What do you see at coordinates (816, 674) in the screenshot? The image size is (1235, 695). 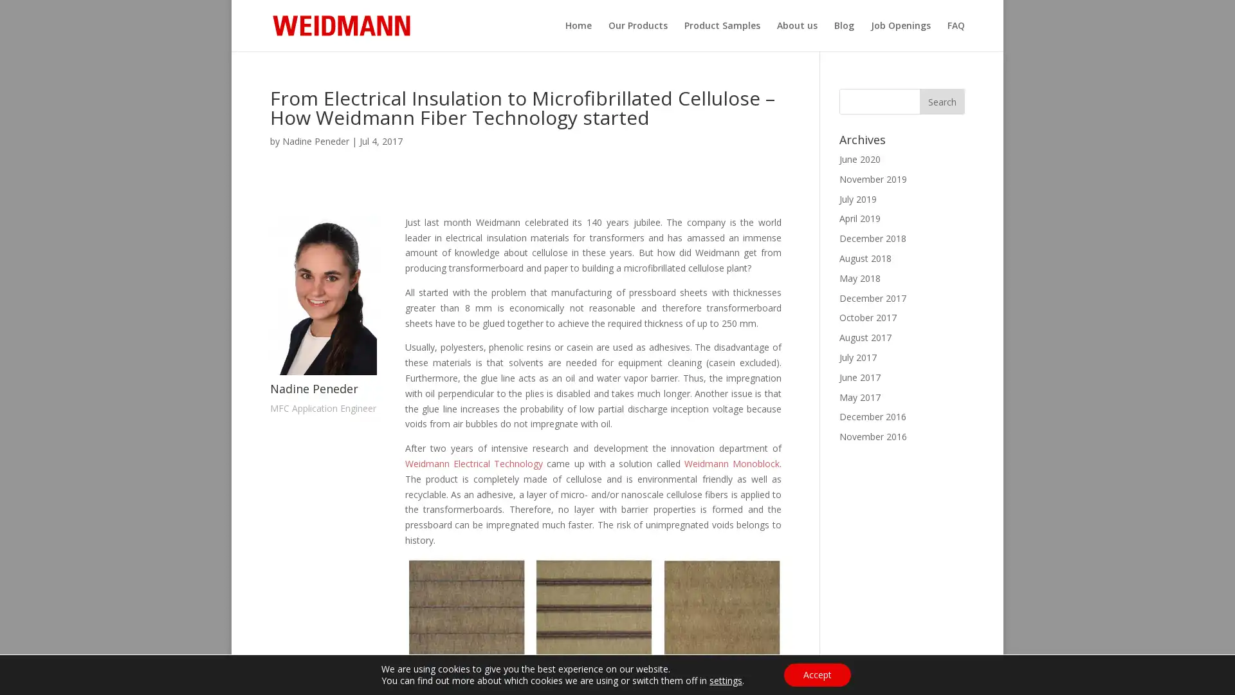 I see `Accept` at bounding box center [816, 674].